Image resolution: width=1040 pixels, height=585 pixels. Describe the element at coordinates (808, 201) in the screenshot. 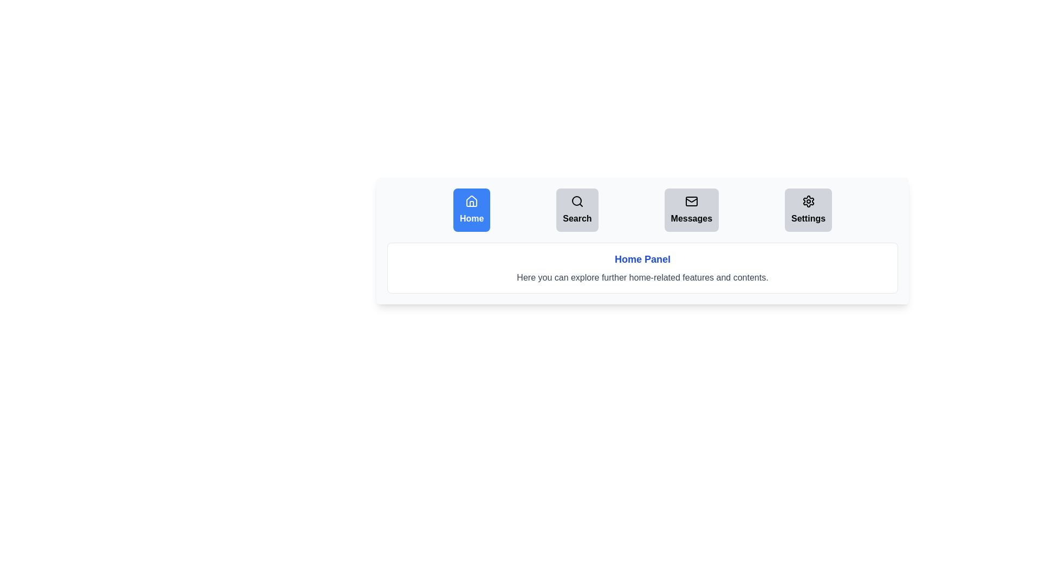

I see `the 'Settings' icon located at the top right of the visible panel, which serves as a visual representation for accessing application settings` at that location.